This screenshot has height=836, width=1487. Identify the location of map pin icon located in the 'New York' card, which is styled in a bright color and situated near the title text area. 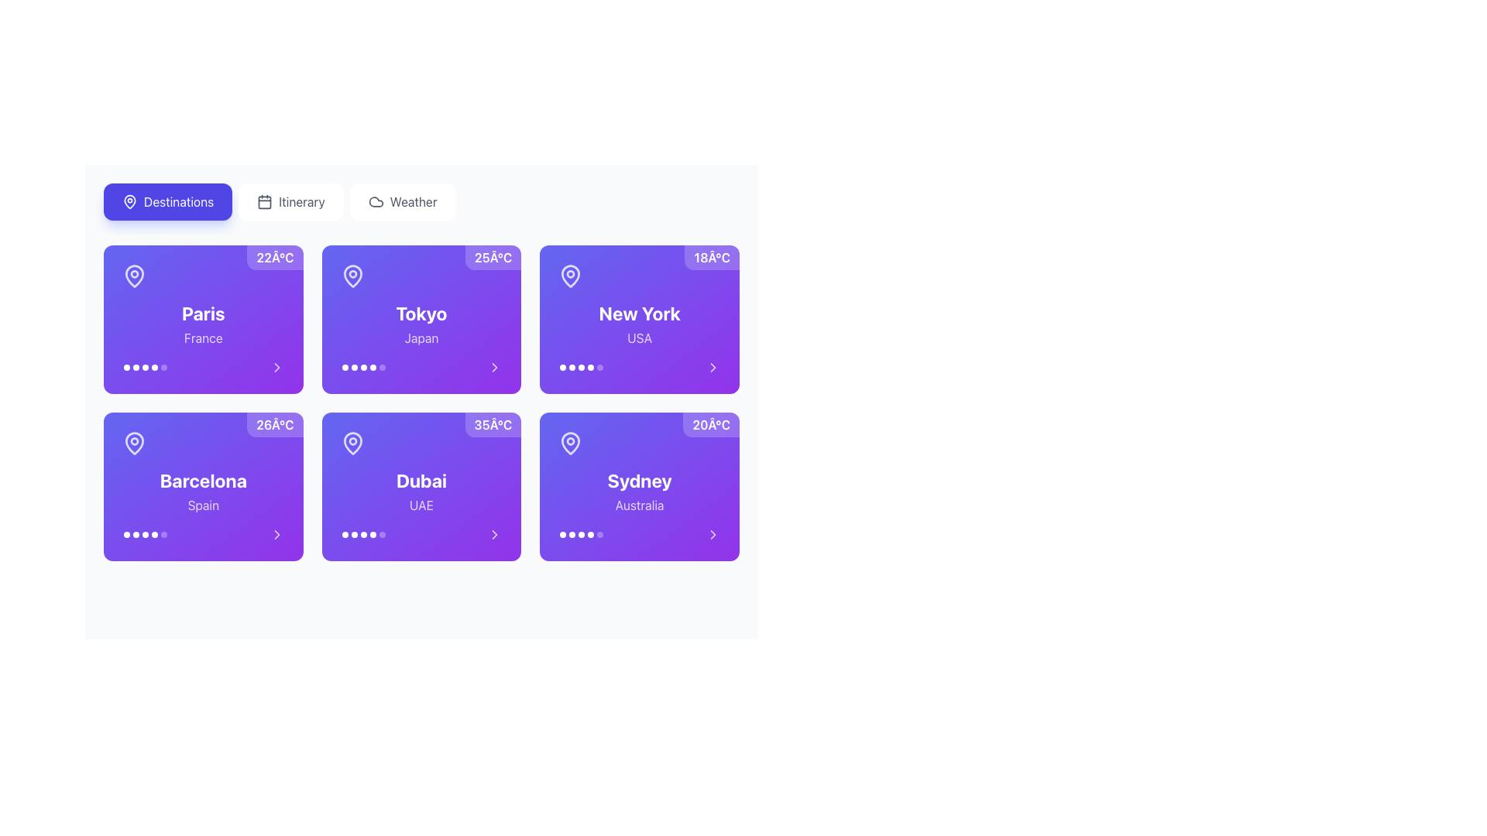
(570, 276).